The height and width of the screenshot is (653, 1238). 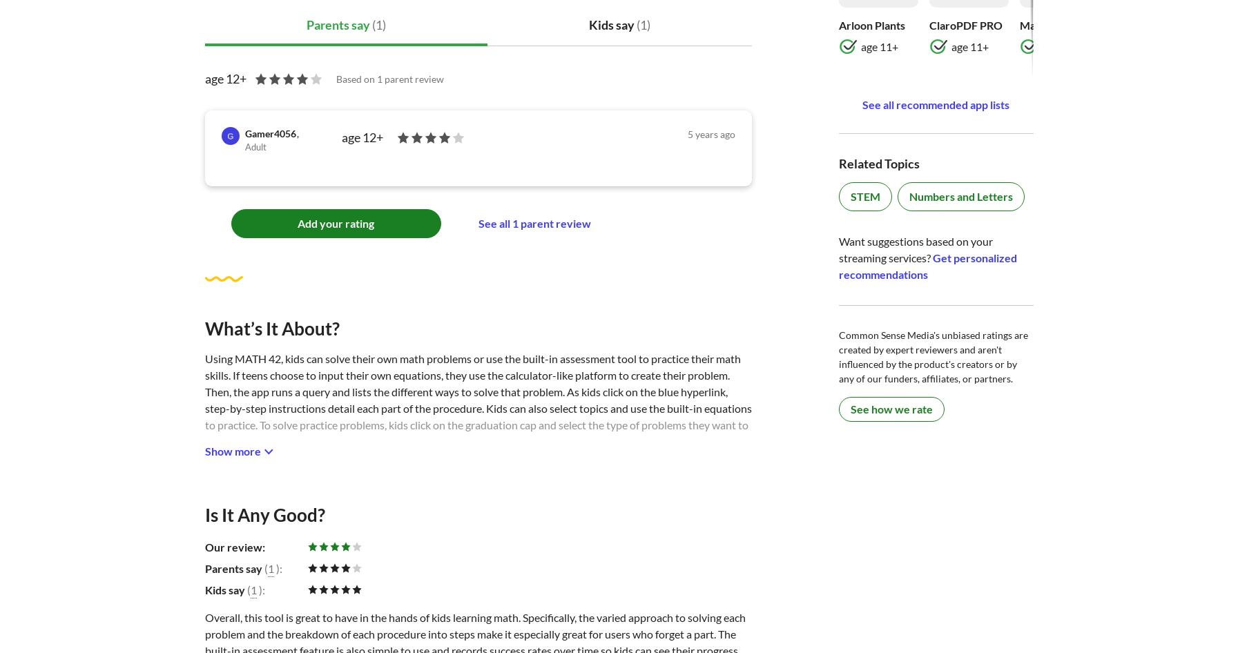 What do you see at coordinates (204, 451) in the screenshot?
I see `'Show more'` at bounding box center [204, 451].